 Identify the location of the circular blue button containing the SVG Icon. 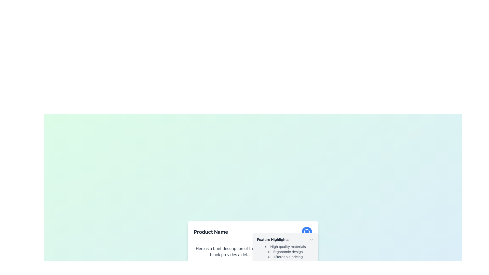
(306, 232).